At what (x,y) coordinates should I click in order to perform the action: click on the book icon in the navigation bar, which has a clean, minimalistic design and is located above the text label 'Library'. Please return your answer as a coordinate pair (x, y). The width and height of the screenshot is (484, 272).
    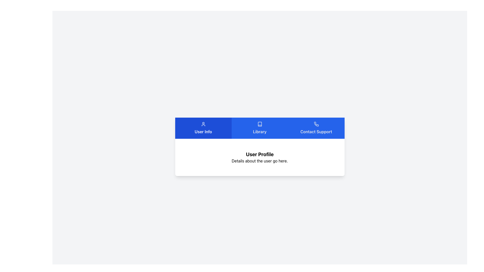
    Looking at the image, I should click on (260, 124).